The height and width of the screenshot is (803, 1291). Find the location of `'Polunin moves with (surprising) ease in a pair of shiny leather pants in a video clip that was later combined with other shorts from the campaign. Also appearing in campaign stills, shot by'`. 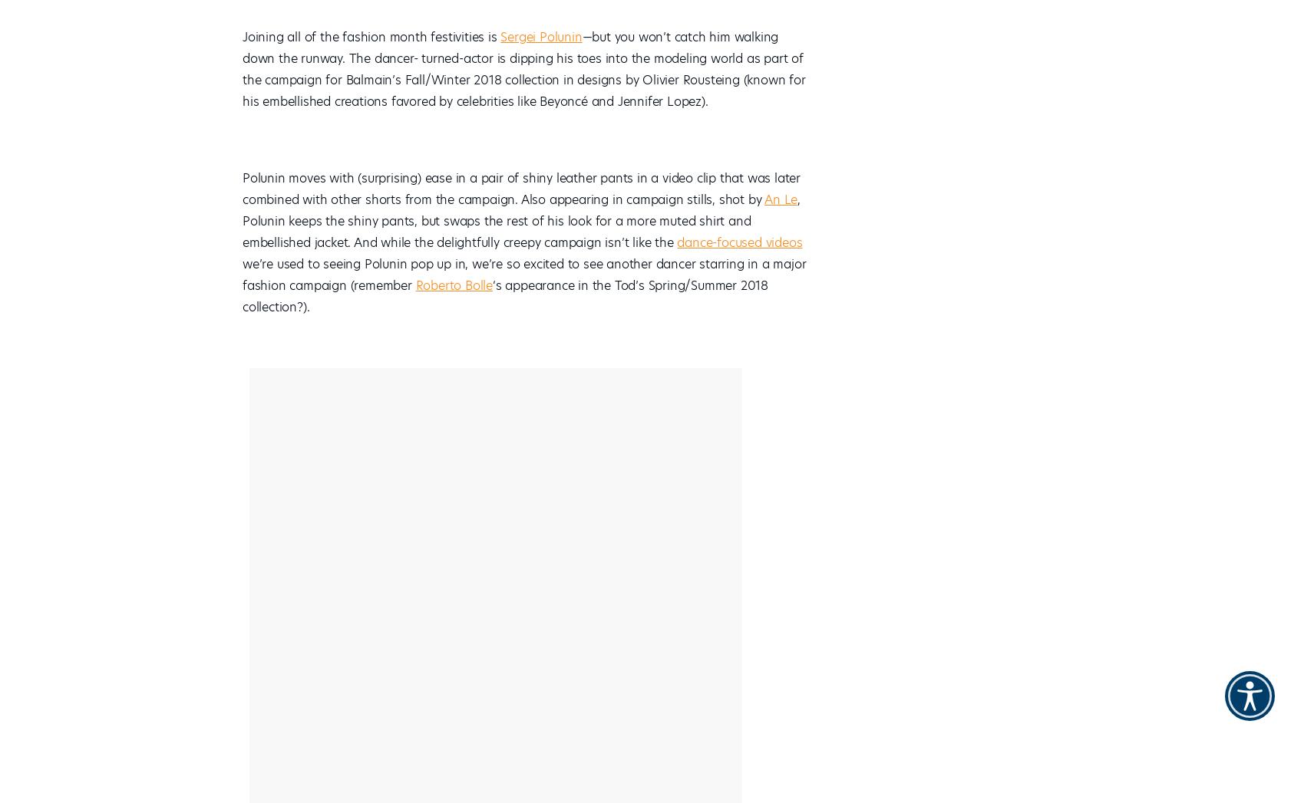

'Polunin moves with (surprising) ease in a pair of shiny leather pants in a video clip that was later combined with other shorts from the campaign. Also appearing in campaign stills, shot by' is located at coordinates (521, 189).